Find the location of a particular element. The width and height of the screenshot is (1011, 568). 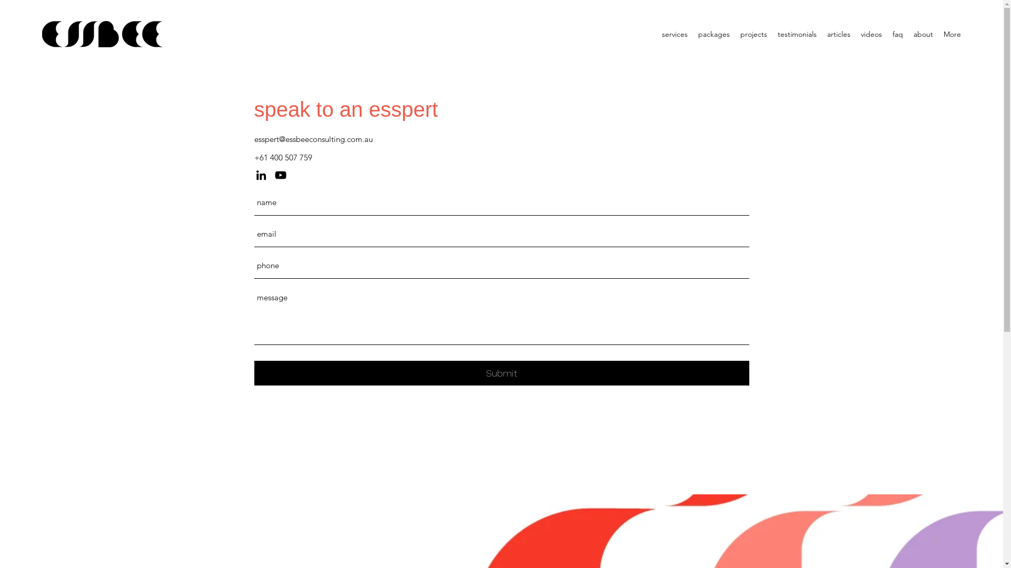

'packages' is located at coordinates (714, 34).